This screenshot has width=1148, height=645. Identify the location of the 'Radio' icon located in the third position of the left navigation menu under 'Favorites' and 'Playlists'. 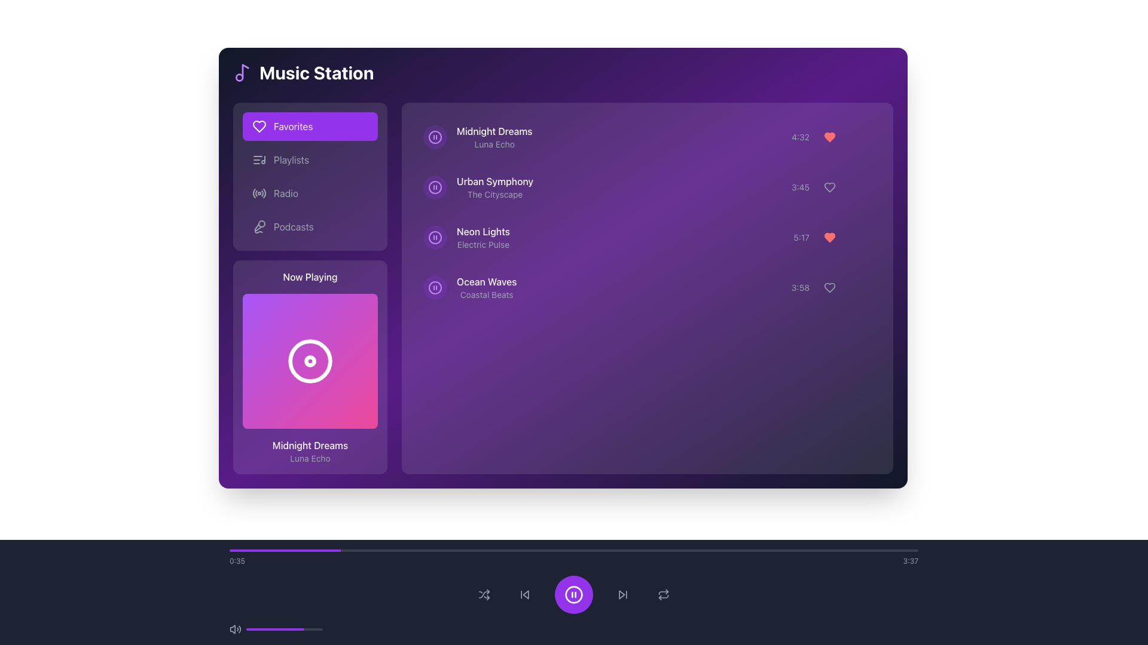
(258, 193).